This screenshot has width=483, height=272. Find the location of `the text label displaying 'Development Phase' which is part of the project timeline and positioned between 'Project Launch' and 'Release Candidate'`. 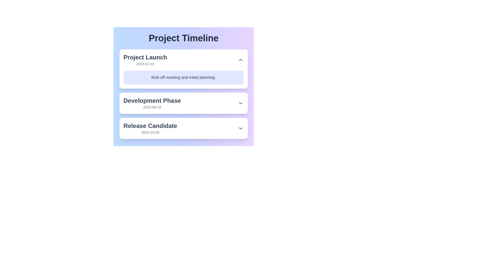

the text label displaying 'Development Phase' which is part of the project timeline and positioned between 'Project Launch' and 'Release Candidate' is located at coordinates (152, 101).